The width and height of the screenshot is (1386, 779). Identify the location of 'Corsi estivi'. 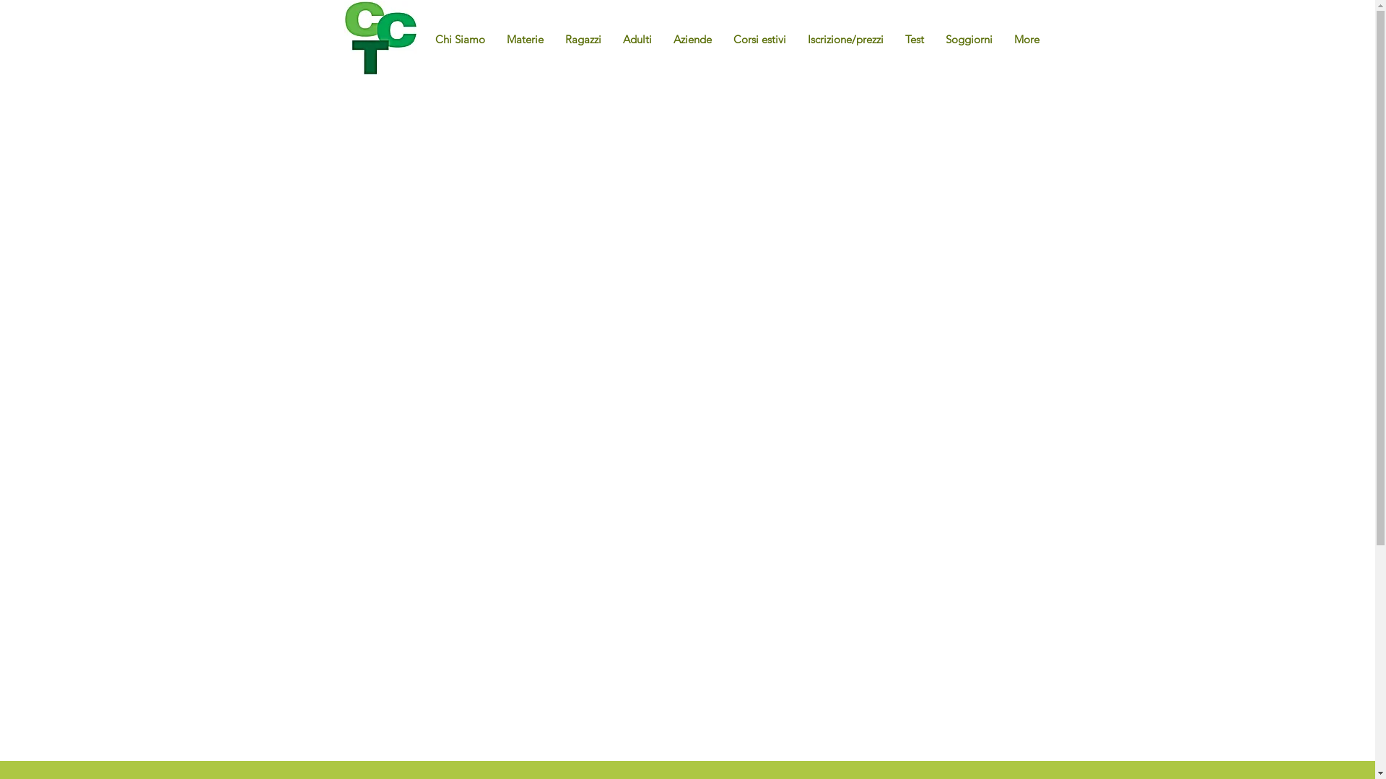
(758, 38).